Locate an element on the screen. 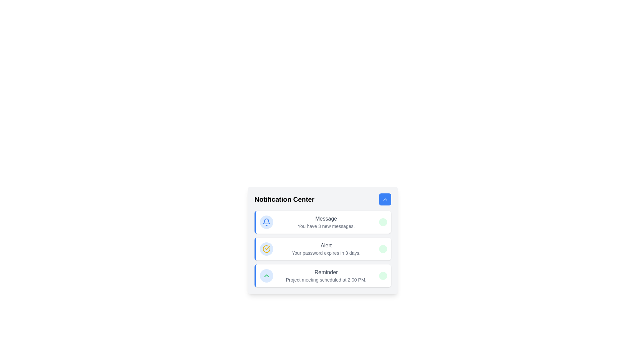 This screenshot has width=643, height=362. the Notification card displaying new messages, positioned as the first item in the Notification Center list is located at coordinates (323, 222).